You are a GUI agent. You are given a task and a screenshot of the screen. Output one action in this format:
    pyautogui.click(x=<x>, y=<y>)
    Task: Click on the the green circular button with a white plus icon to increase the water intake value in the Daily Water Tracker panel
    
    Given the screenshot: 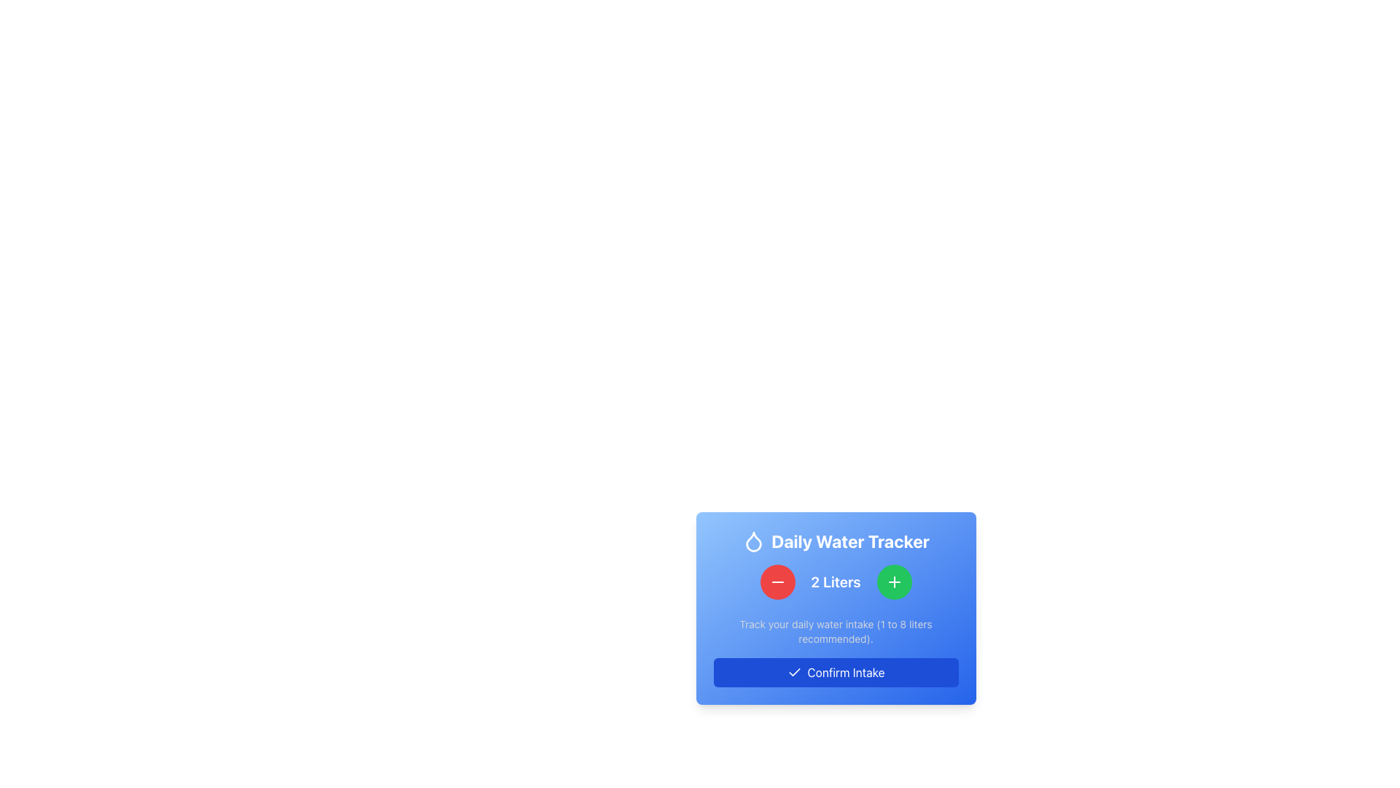 What is the action you would take?
    pyautogui.click(x=893, y=582)
    